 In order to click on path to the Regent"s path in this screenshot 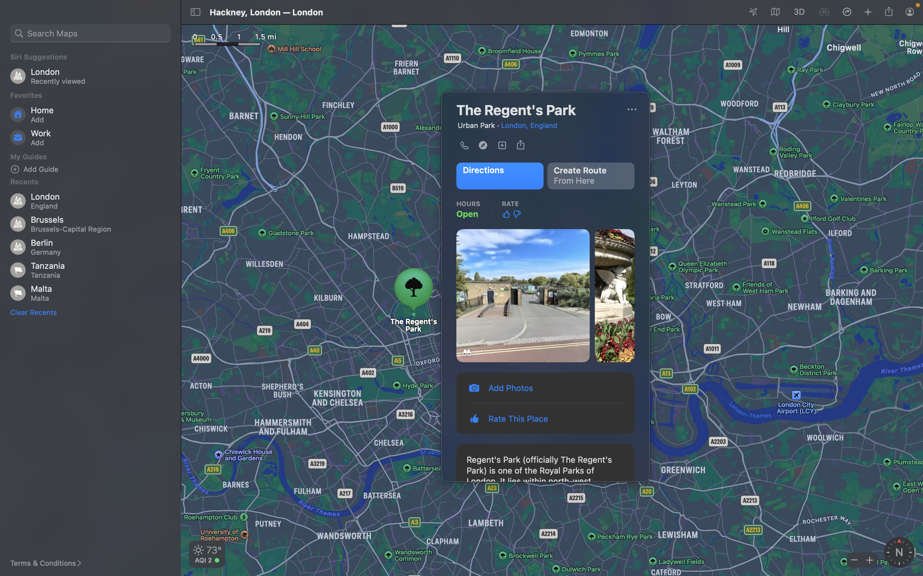, I will do `click(498, 176)`.